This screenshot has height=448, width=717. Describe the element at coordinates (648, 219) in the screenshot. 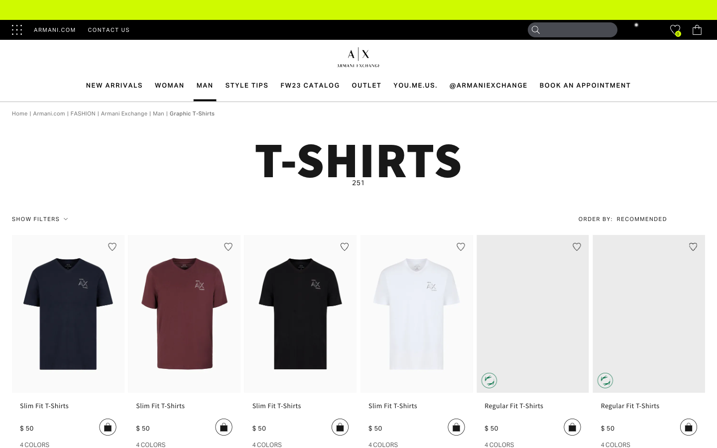

I see `desired search filter` at that location.